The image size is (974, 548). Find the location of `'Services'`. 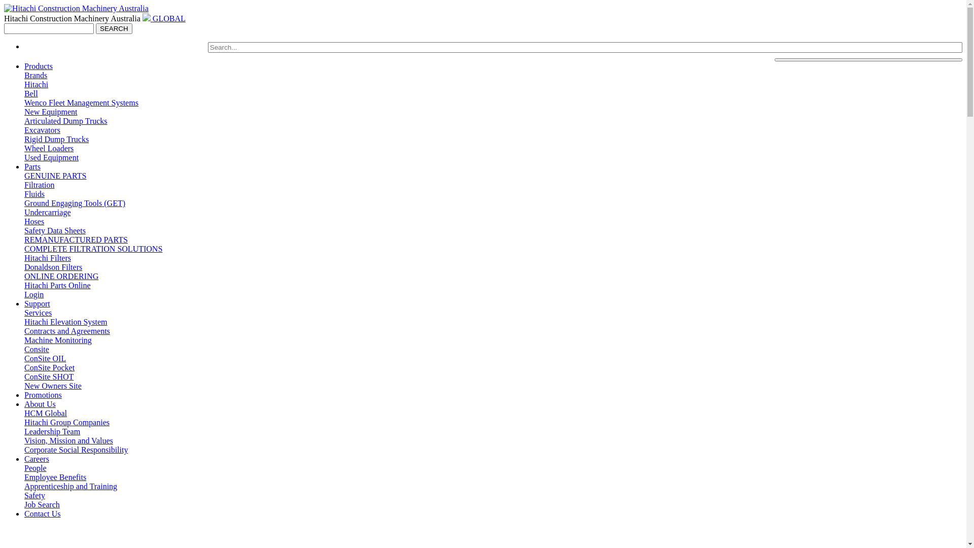

'Services' is located at coordinates (38, 312).